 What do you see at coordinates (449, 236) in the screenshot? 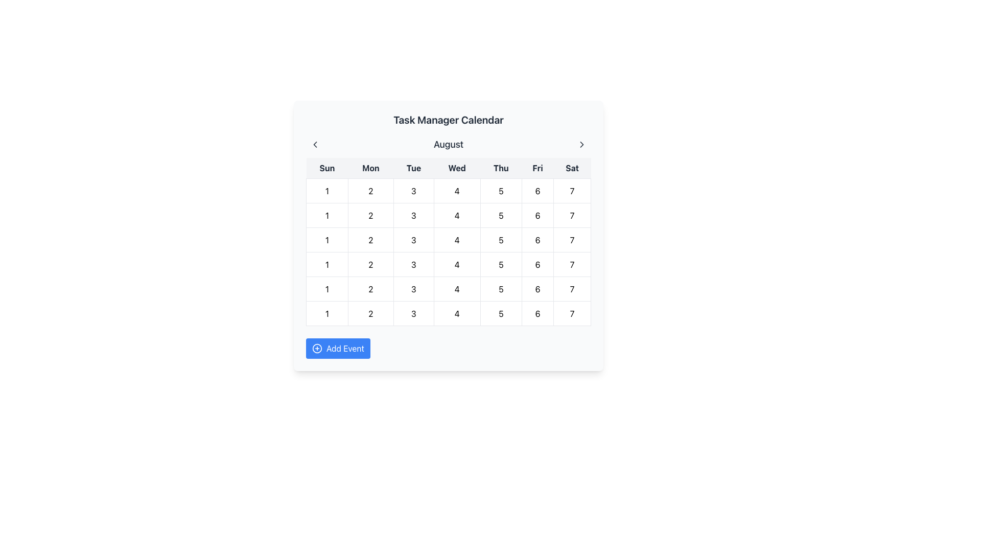
I see `a date within the 'Task Manager Calendar'` at bounding box center [449, 236].